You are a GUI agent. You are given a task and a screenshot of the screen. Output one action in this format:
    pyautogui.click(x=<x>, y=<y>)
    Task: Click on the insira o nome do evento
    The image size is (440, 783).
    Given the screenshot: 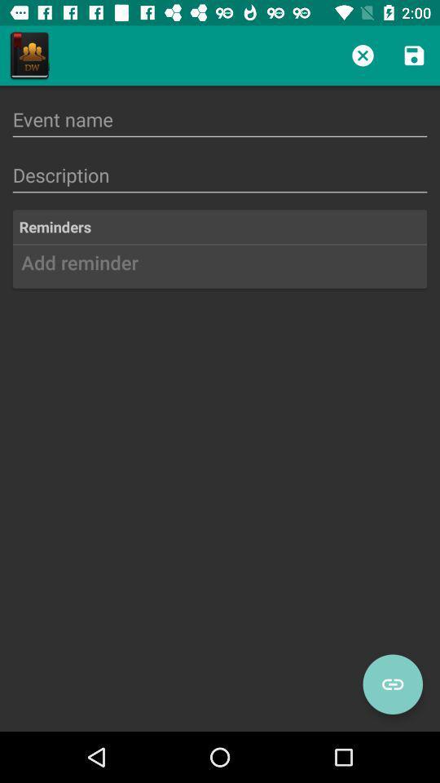 What is the action you would take?
    pyautogui.click(x=220, y=118)
    